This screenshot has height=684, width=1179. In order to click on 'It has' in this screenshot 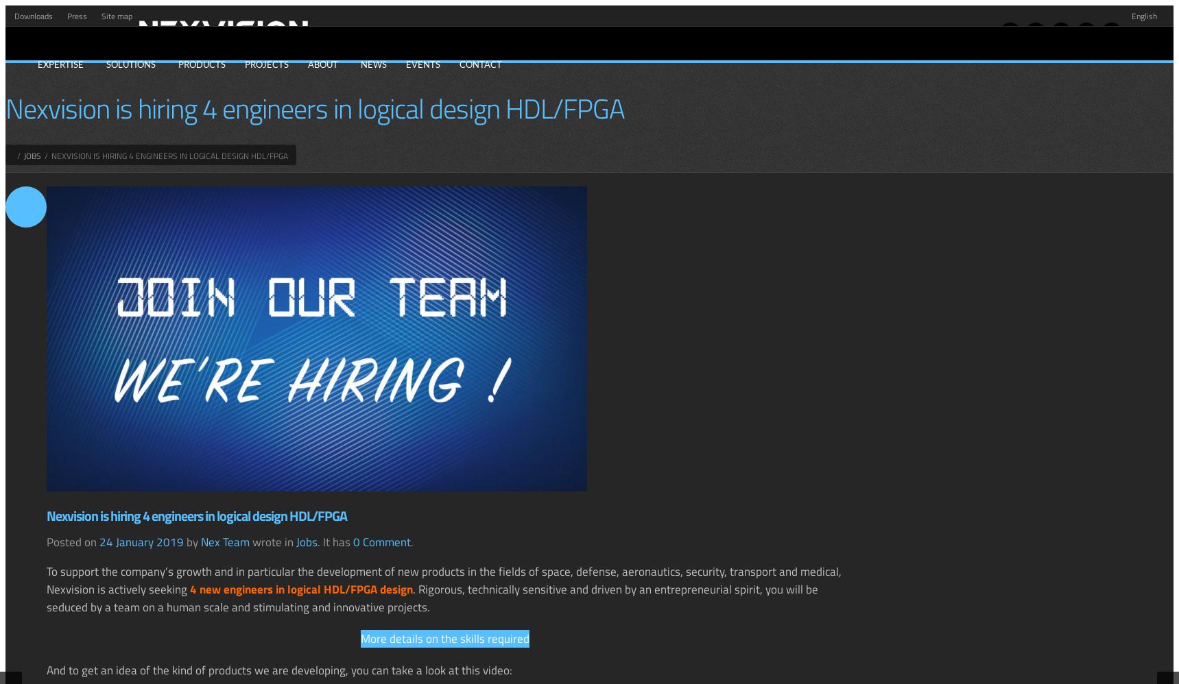, I will do `click(337, 541)`.